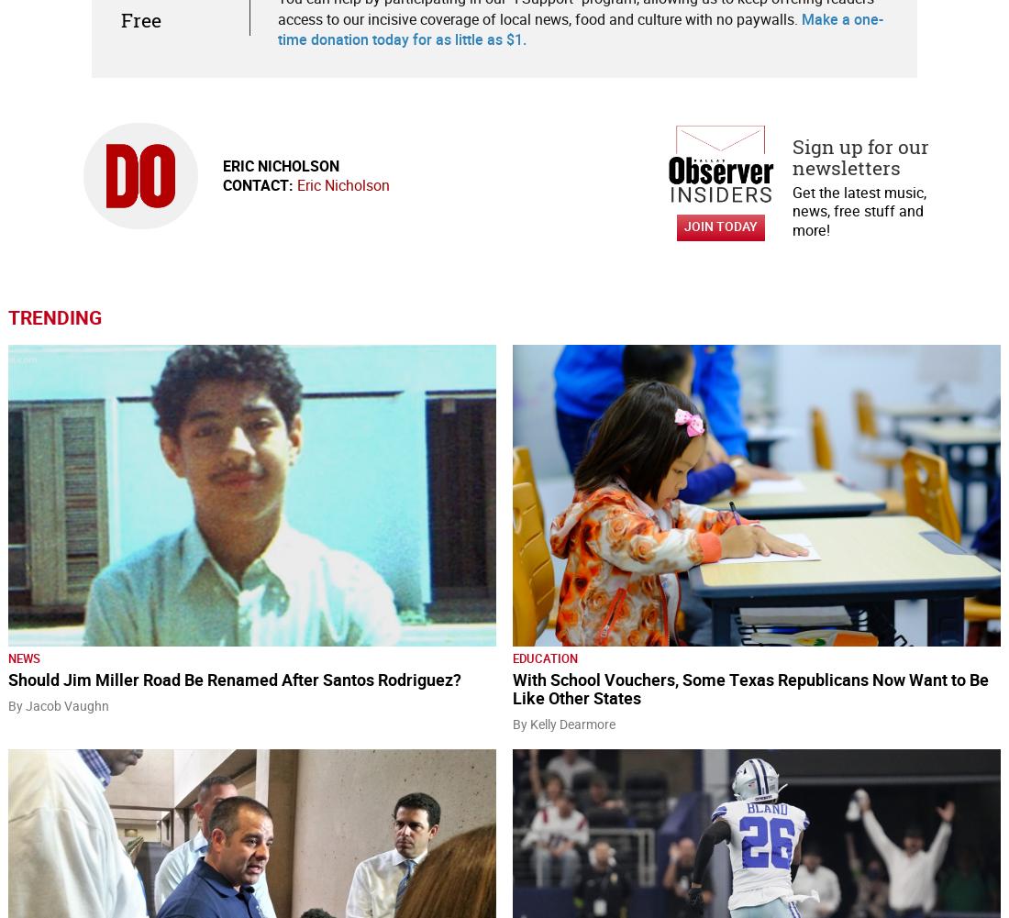 The width and height of the screenshot is (1009, 918). Describe the element at coordinates (682, 226) in the screenshot. I see `'Join Today'` at that location.